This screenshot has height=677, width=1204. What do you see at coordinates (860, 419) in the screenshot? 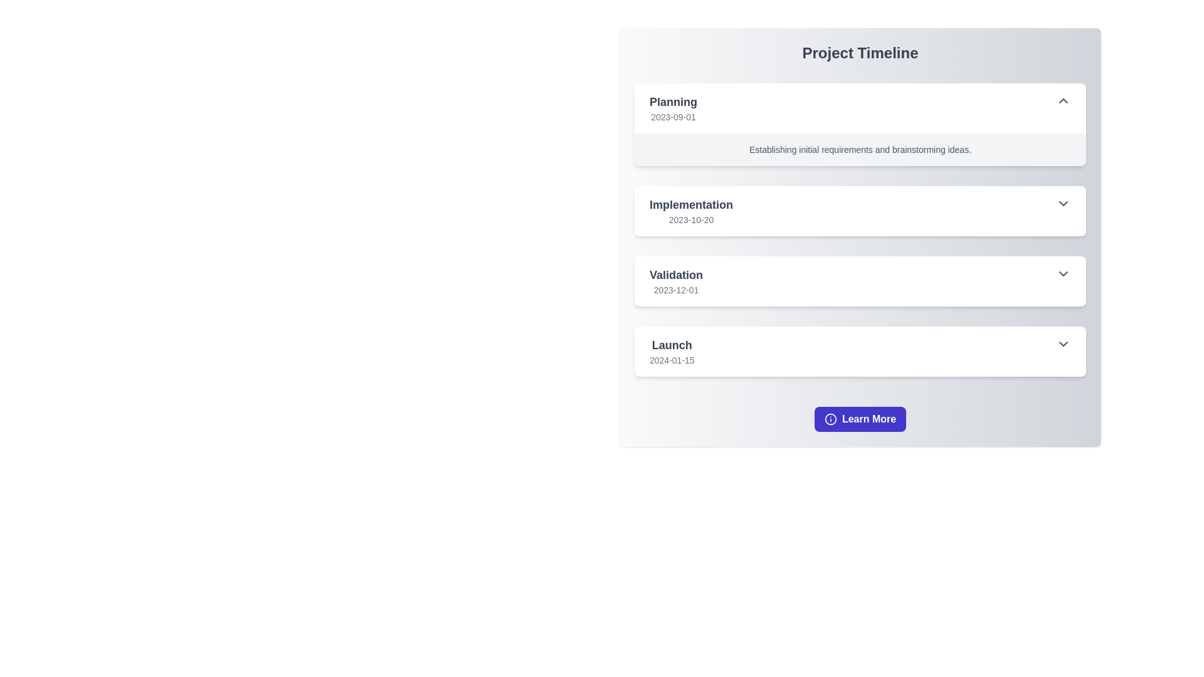
I see `the call-to-action button positioned at the bottom of the 'Project Timeline' section` at bounding box center [860, 419].